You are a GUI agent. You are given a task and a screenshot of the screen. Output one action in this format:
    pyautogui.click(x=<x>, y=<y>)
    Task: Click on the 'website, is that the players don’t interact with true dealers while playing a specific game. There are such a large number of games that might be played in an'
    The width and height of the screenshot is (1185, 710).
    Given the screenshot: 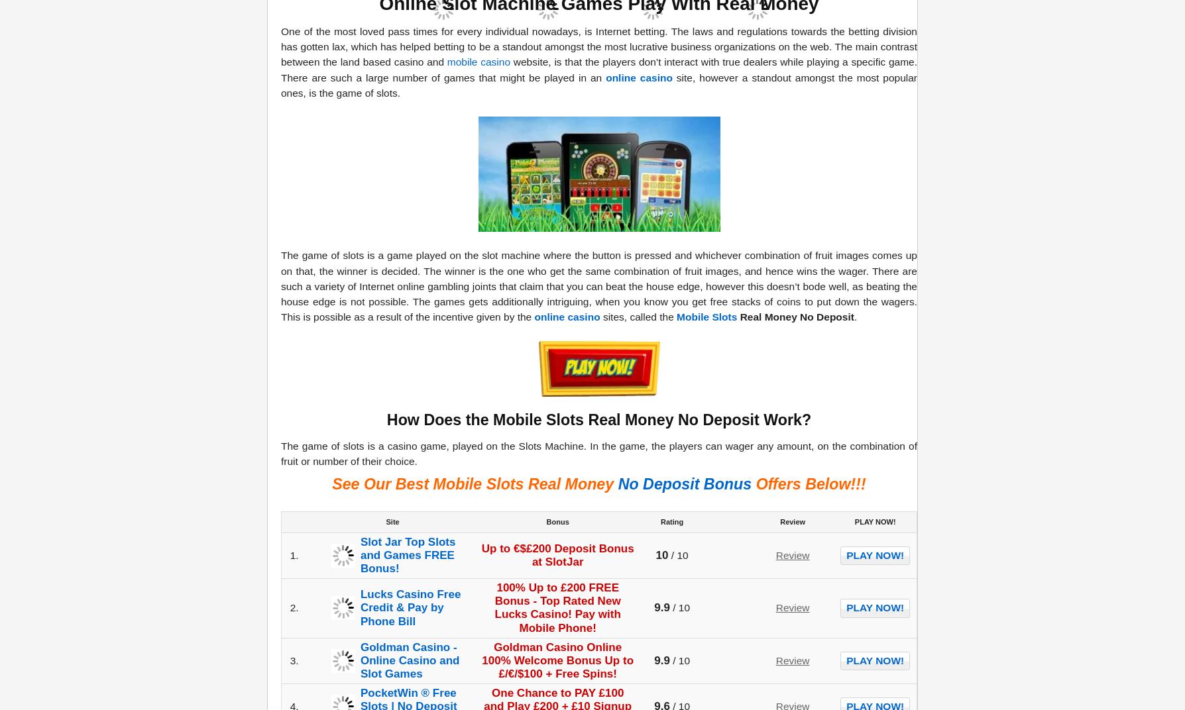 What is the action you would take?
    pyautogui.click(x=598, y=69)
    